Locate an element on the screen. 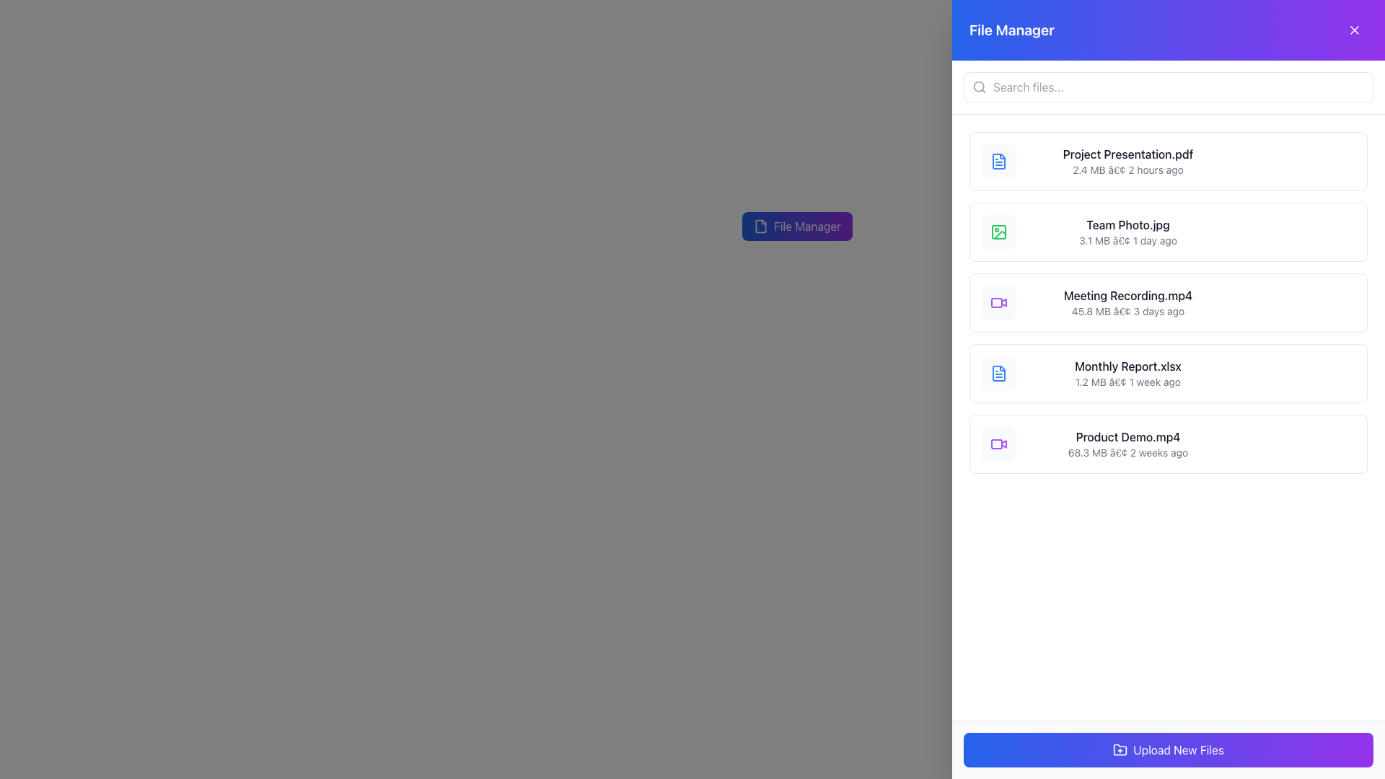 This screenshot has width=1385, height=779. the delete button located at the far right of the row for 'Meeting Recording.mp4' is located at coordinates (1312, 302).